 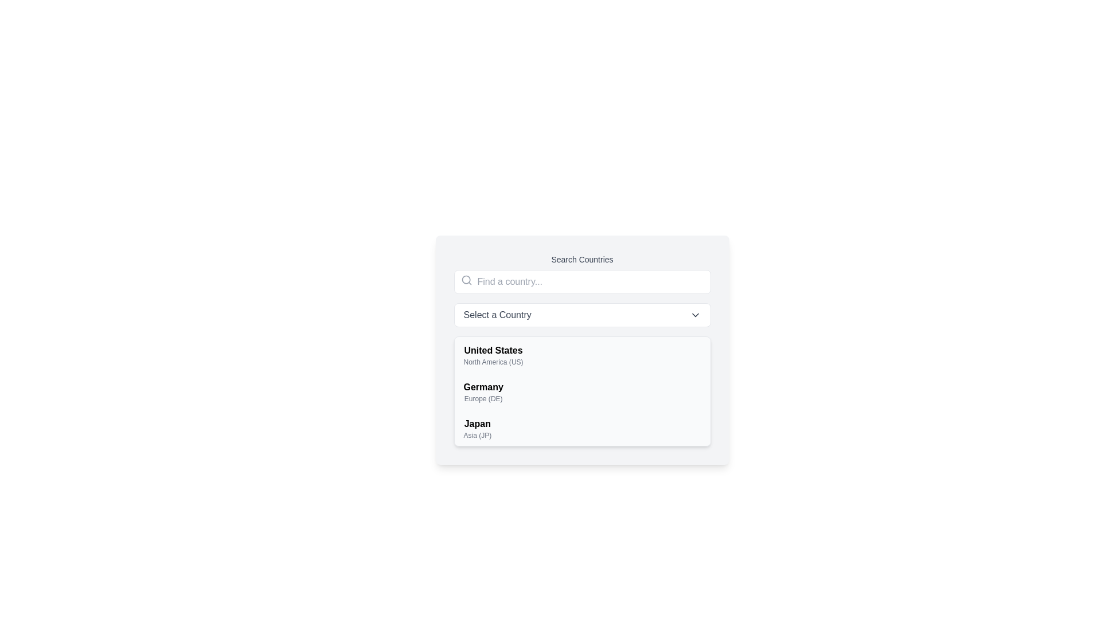 I want to click on the text label that reads 'Europe (DE)', which is styled in light gray and positioned beneath the main label 'Germany' in the 'Search Countries' list, so click(x=483, y=398).